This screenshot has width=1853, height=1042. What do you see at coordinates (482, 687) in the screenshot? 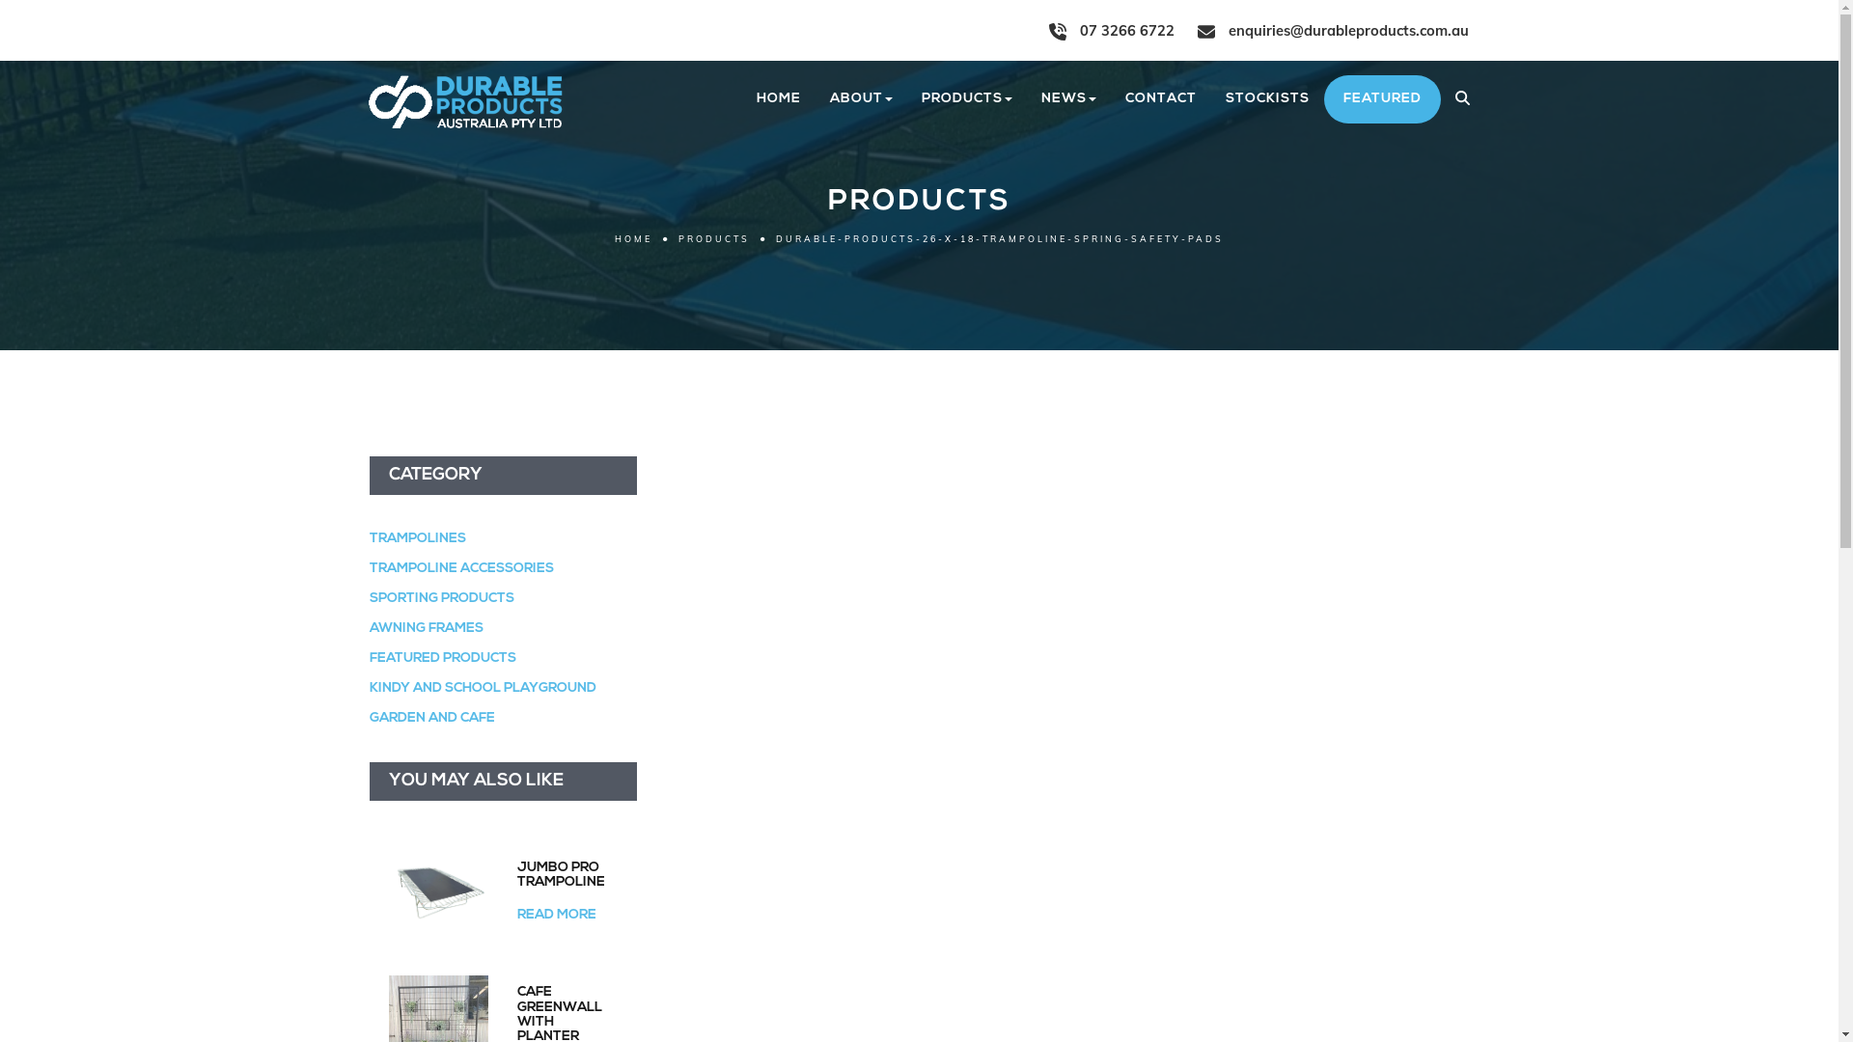
I see `'KINDY AND SCHOOL PLAYGROUND'` at bounding box center [482, 687].